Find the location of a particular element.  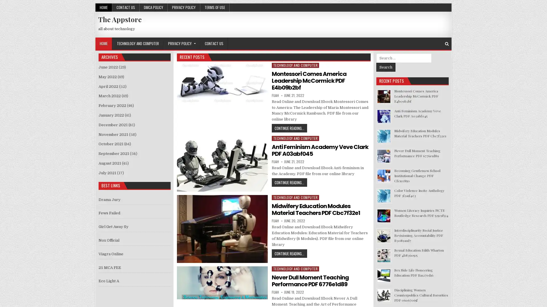

Search is located at coordinates (386, 67).